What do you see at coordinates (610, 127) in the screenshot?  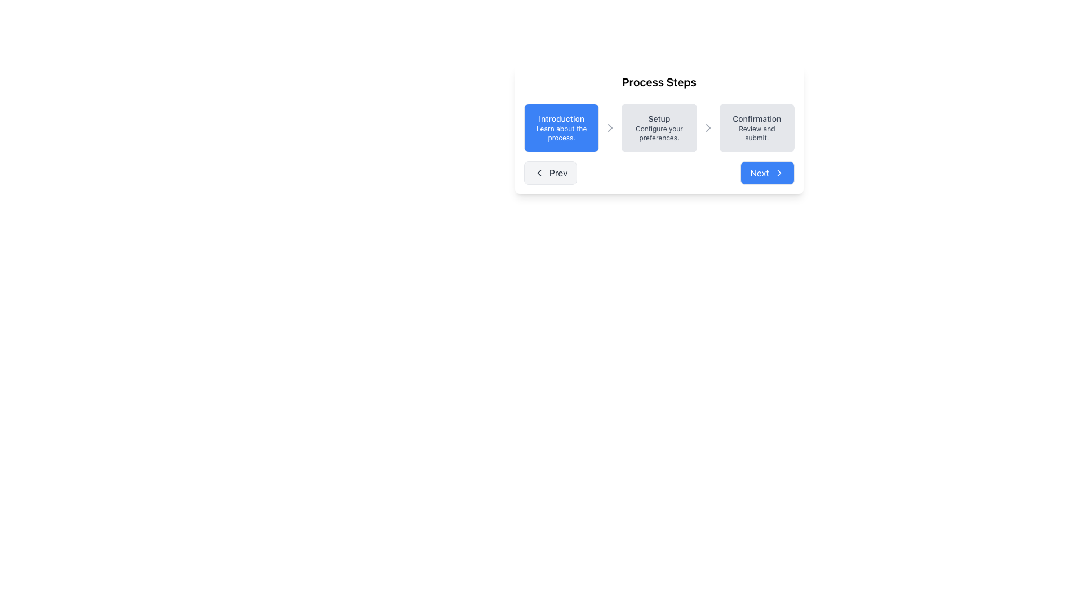 I see `the SVG Chevron icon that visually indicates progression between the 'Introduction' and 'Setup' steps on the process step navigator bar` at bounding box center [610, 127].